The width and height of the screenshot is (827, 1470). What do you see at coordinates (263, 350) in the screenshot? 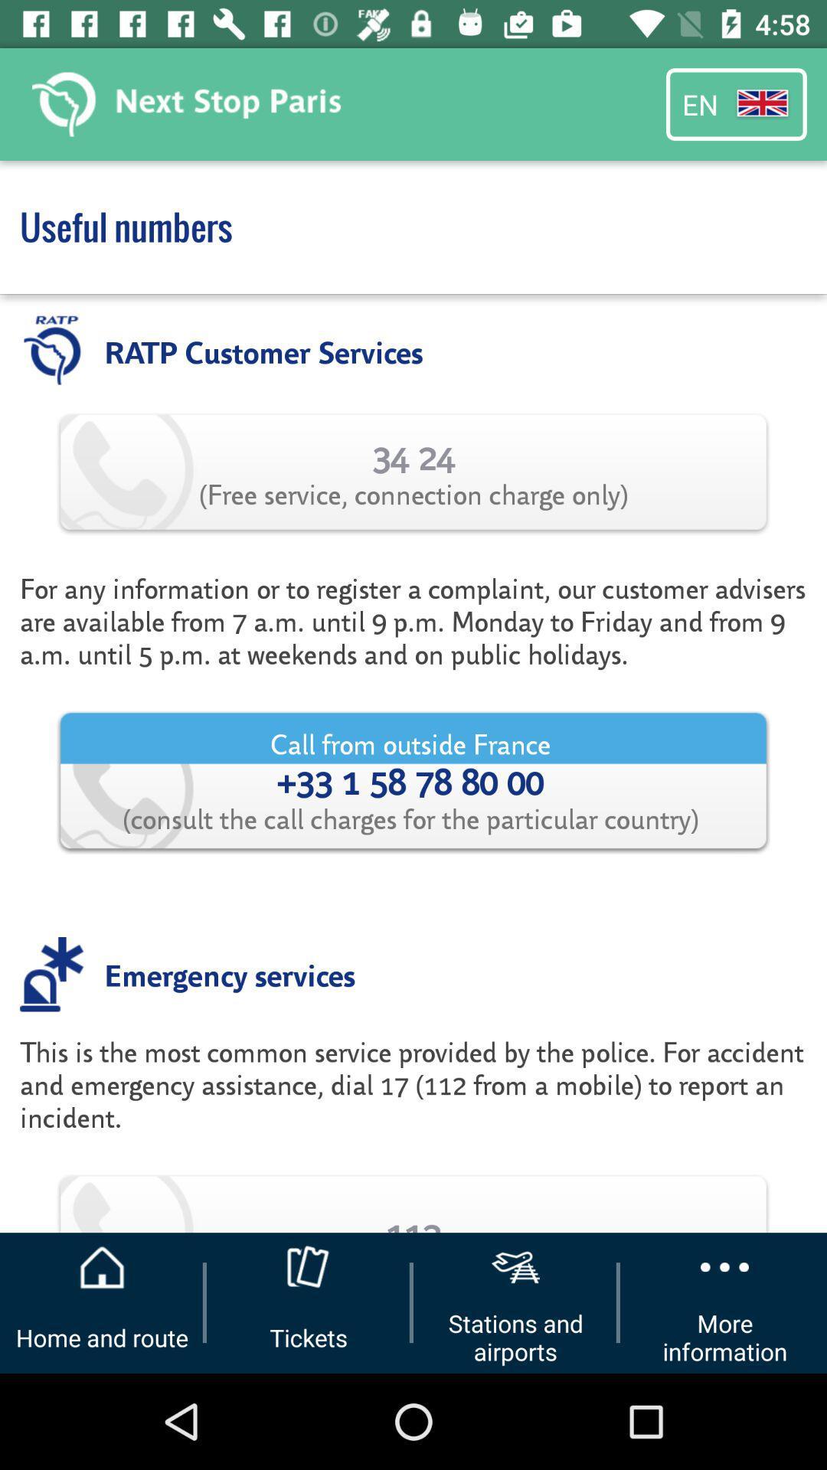
I see `ratp customer services item` at bounding box center [263, 350].